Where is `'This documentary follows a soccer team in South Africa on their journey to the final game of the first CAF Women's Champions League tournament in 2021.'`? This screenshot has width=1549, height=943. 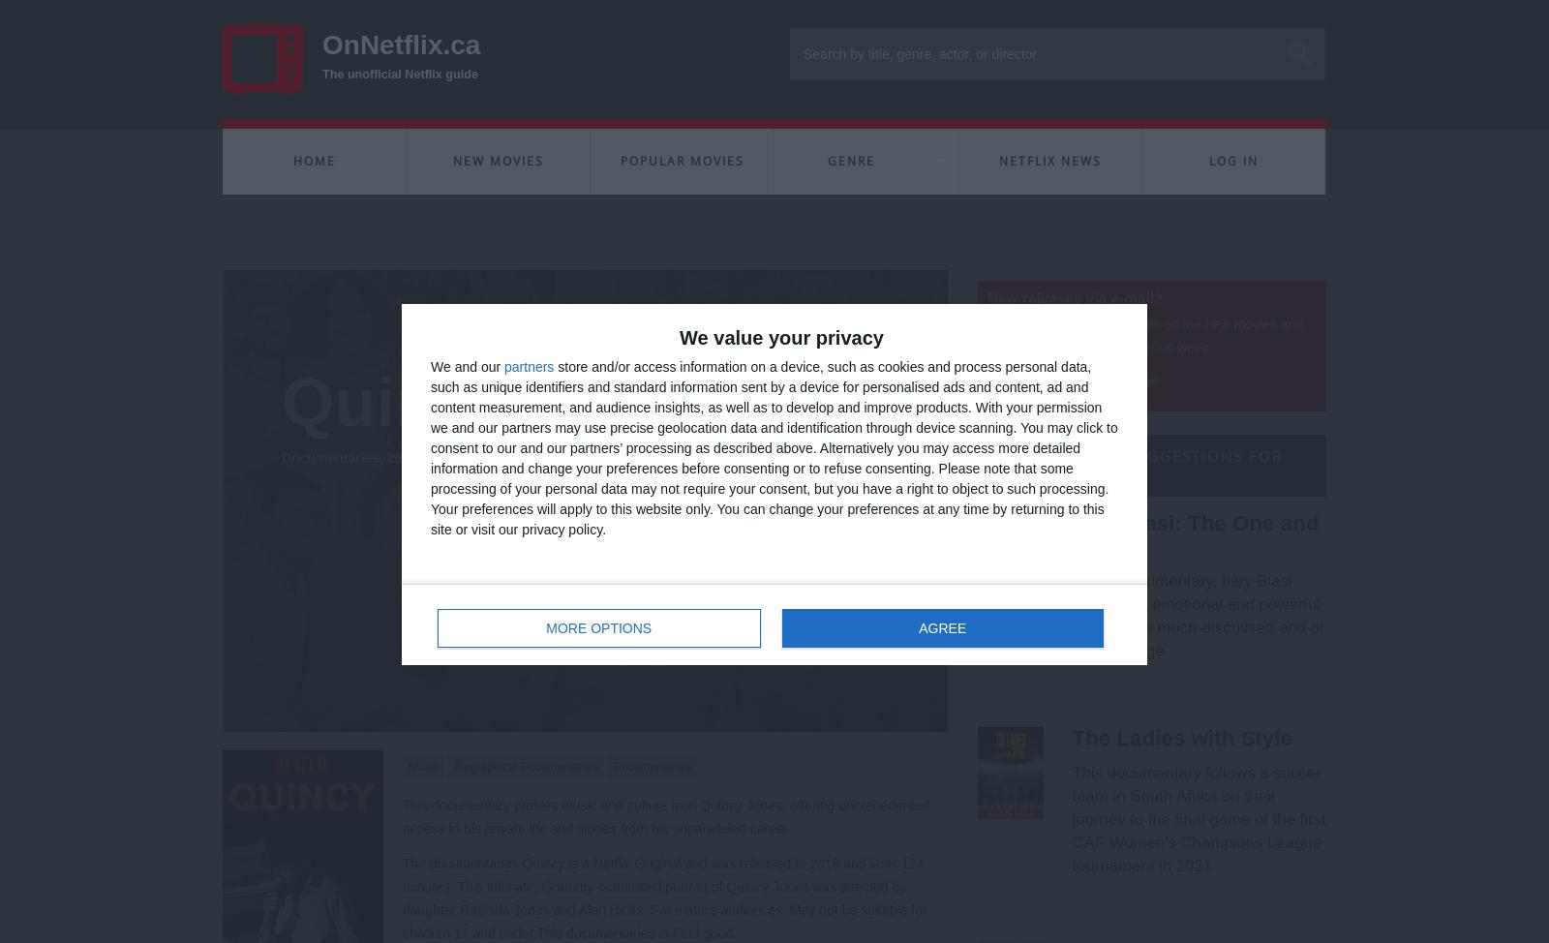 'This documentary follows a soccer team in South Africa on their journey to the final game of the first CAF Women's Champions League tournament in 2021.' is located at coordinates (1197, 818).